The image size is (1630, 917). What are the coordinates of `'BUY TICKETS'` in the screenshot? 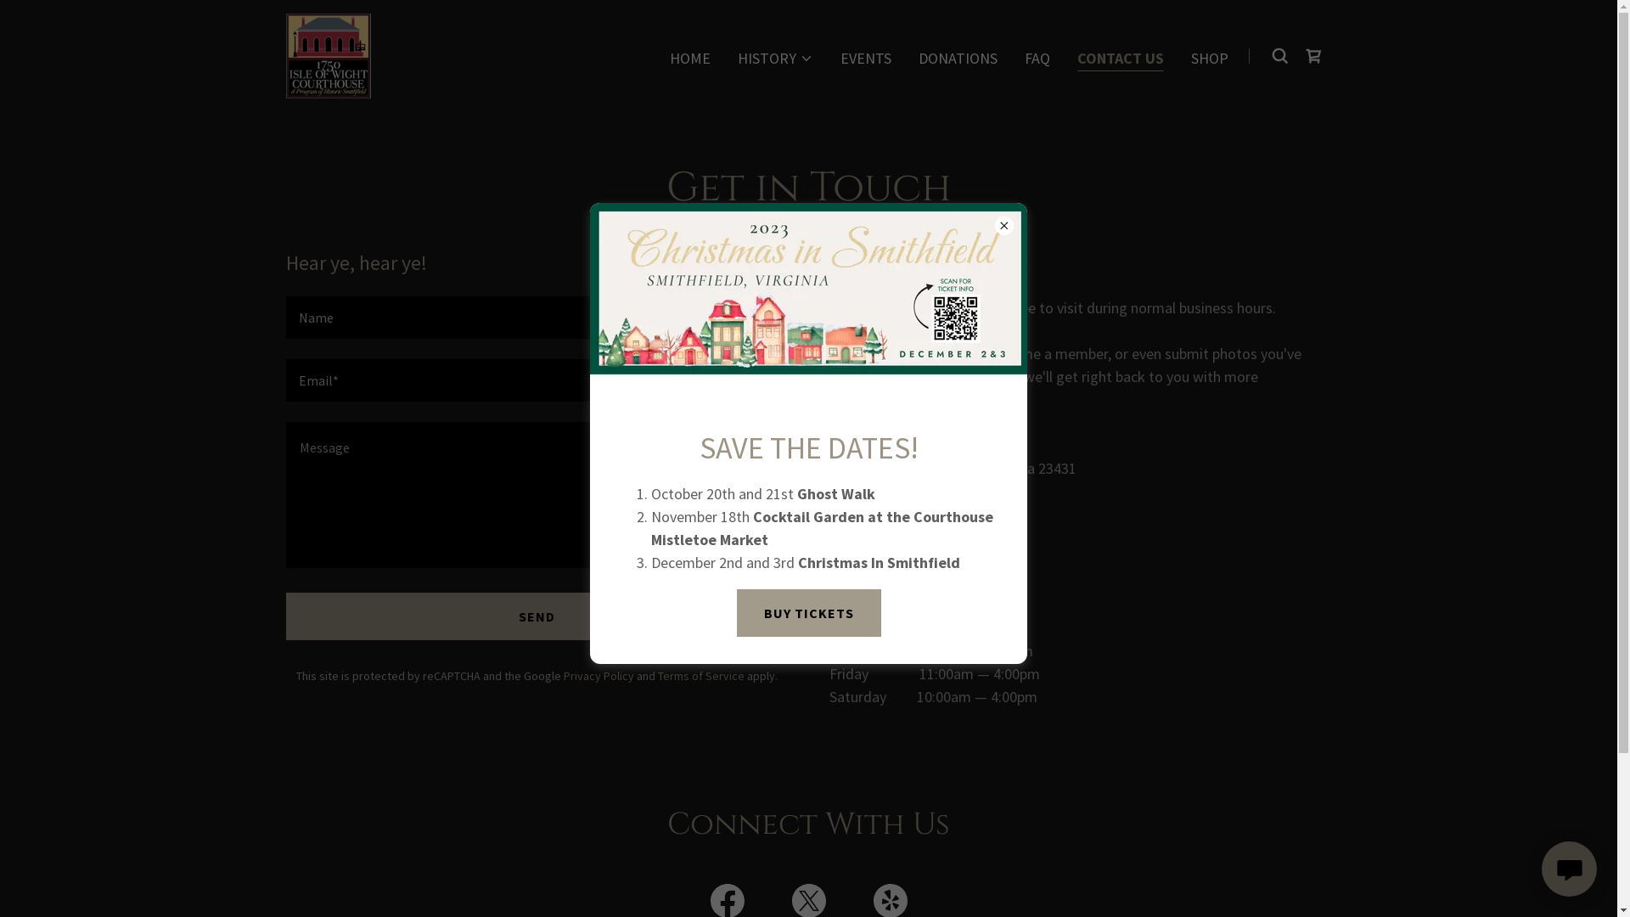 It's located at (808, 612).